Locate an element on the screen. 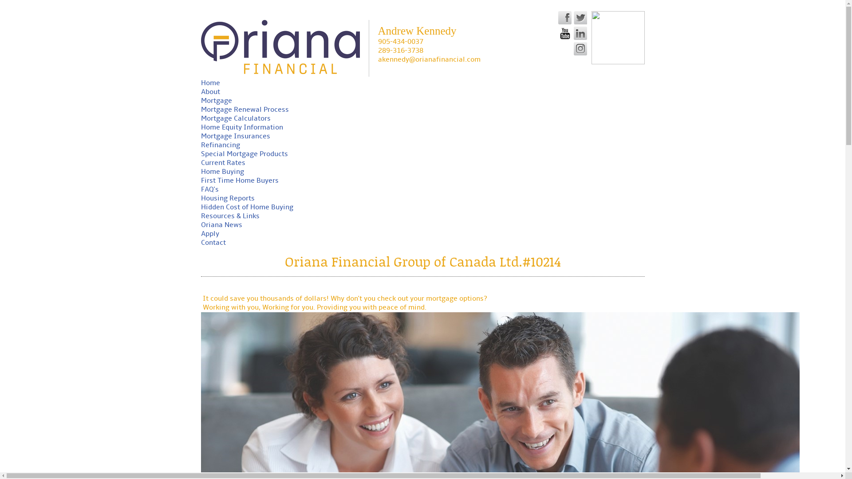  'Special Mortgage Products' is located at coordinates (244, 153).